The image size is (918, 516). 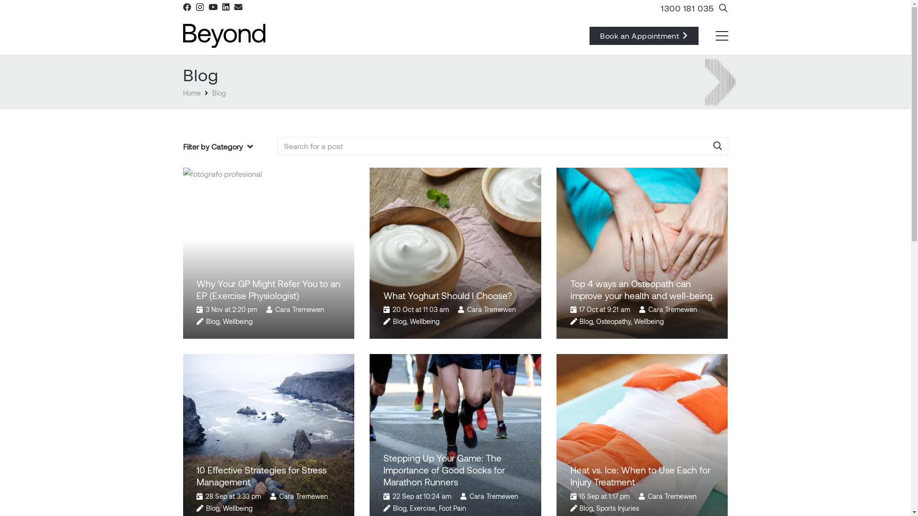 What do you see at coordinates (217, 147) in the screenshot?
I see `'Filter by Category'` at bounding box center [217, 147].